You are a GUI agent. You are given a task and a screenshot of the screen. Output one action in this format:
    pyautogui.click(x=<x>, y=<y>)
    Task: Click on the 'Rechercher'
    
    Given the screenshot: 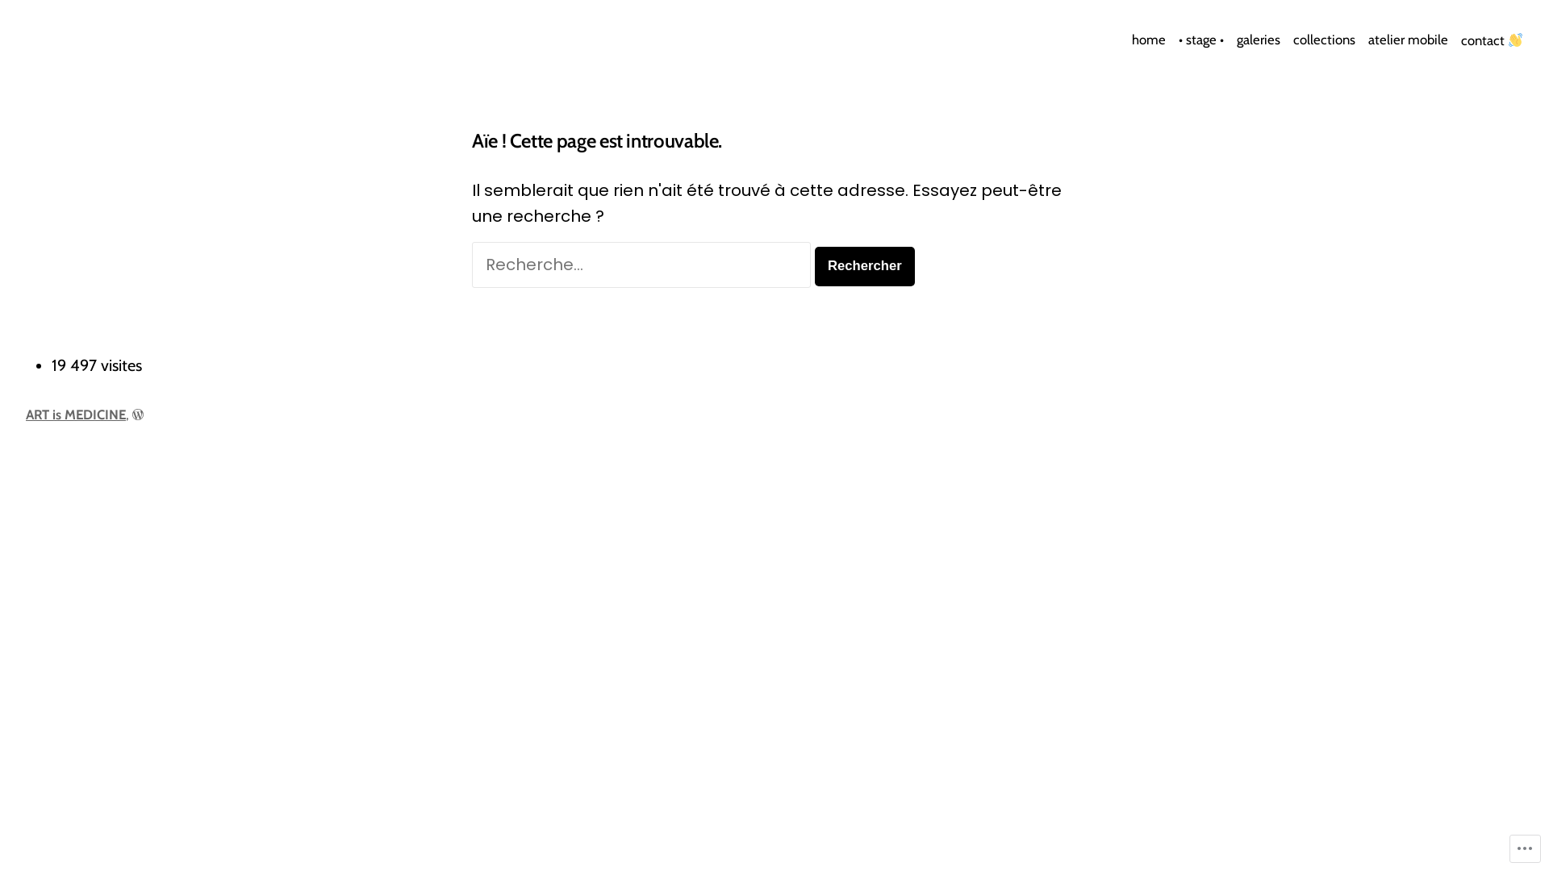 What is the action you would take?
    pyautogui.click(x=863, y=265)
    